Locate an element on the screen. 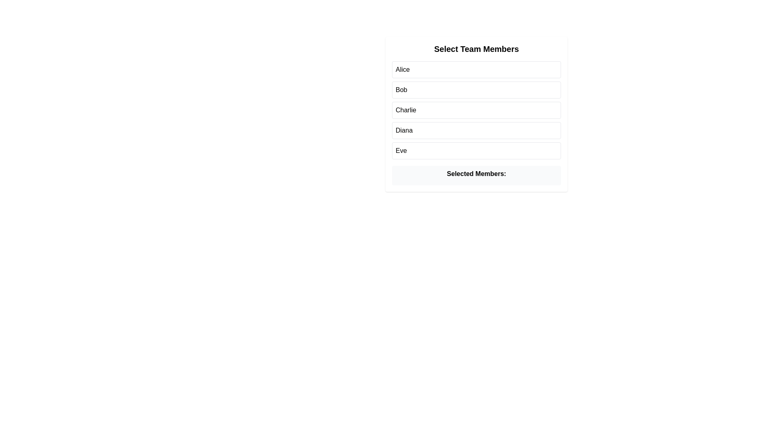 This screenshot has height=438, width=780. the list item displaying the name 'Charlie', which is the middle option between 'Bob' and 'Diana' in the 'Select Team Members' section is located at coordinates (476, 110).